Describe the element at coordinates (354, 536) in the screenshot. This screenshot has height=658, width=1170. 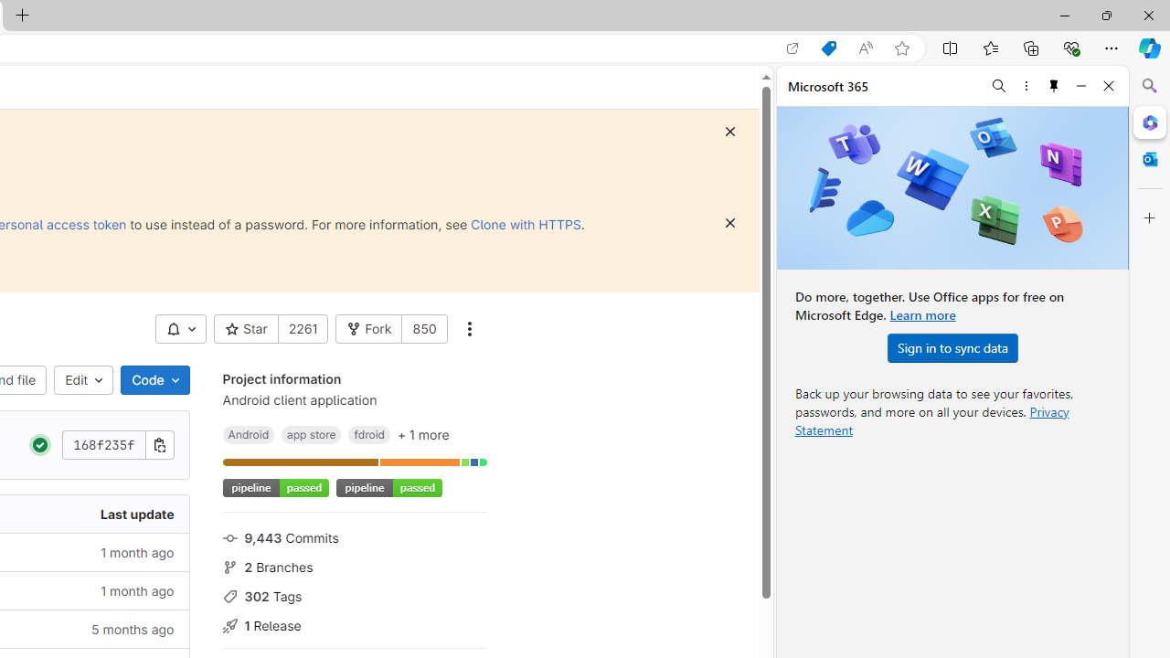
I see `'9,443 Commits'` at that location.